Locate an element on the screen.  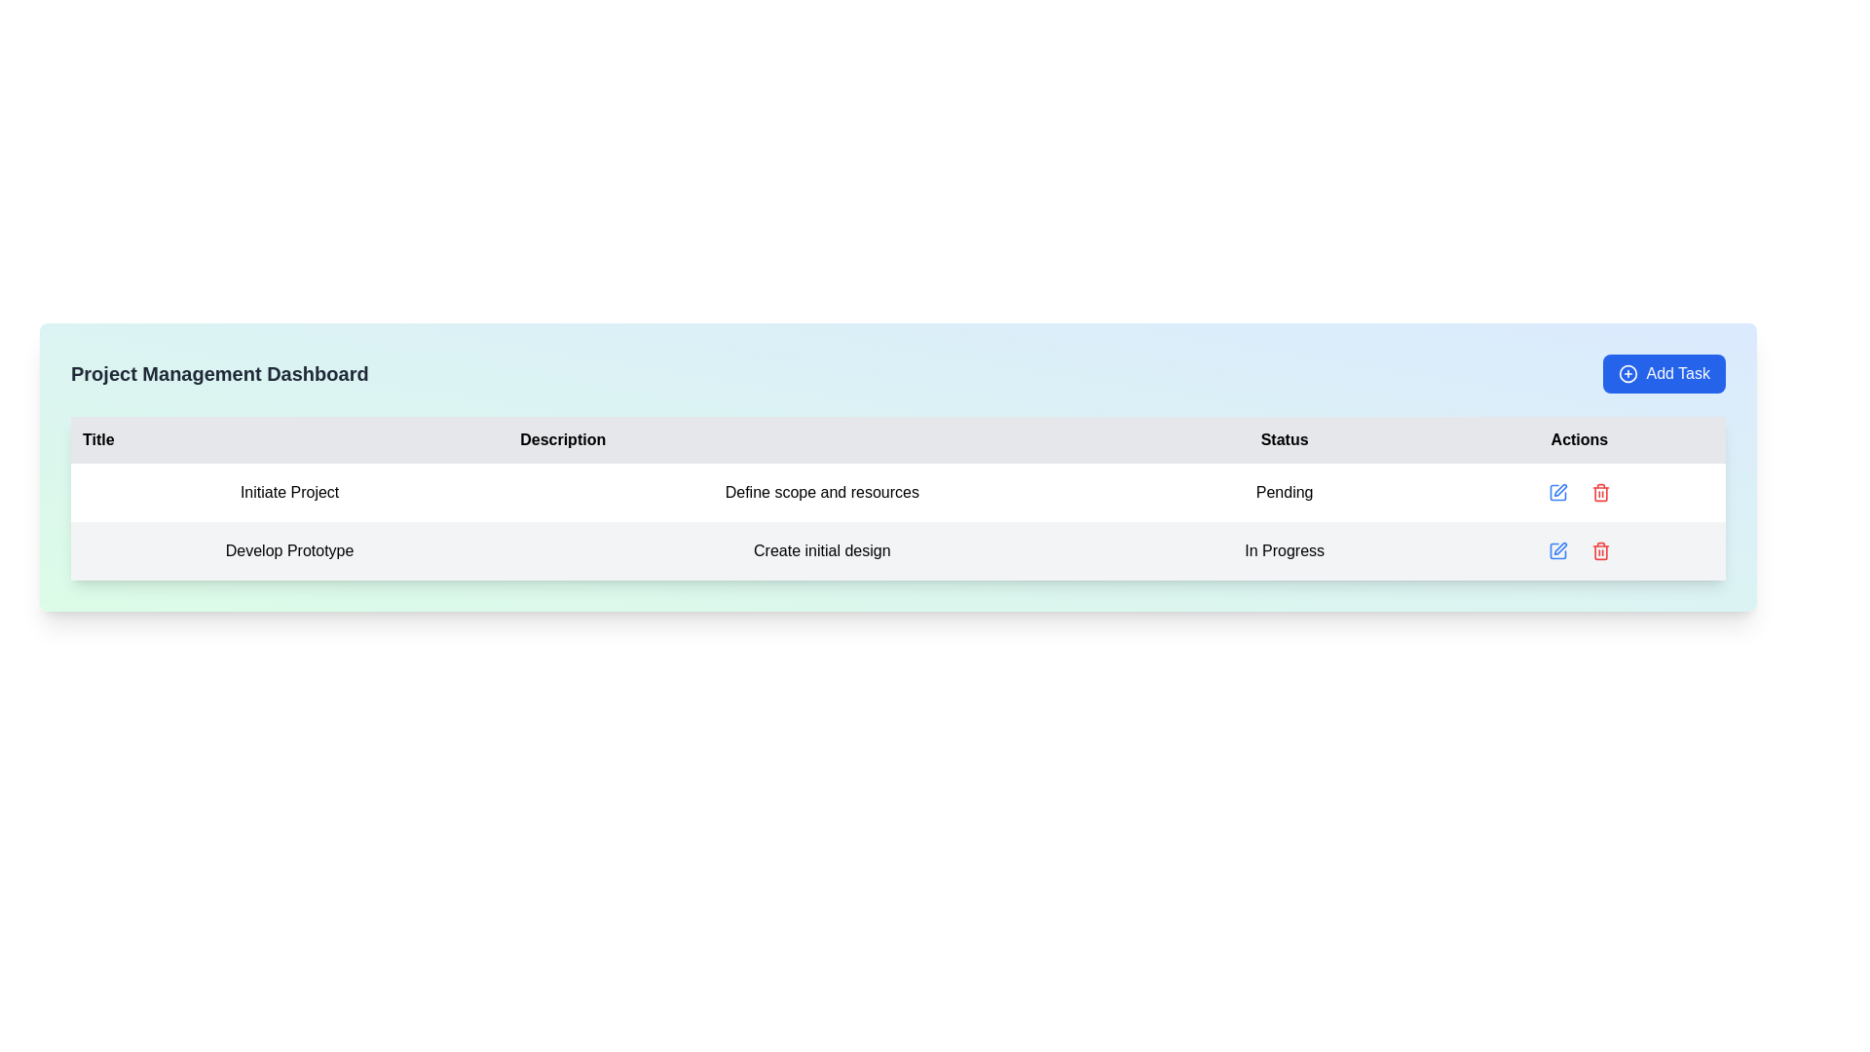
the Action button group located in the 'Actions' column of the table row associated with the task labeled 'Initiate Project' is located at coordinates (1579, 491).